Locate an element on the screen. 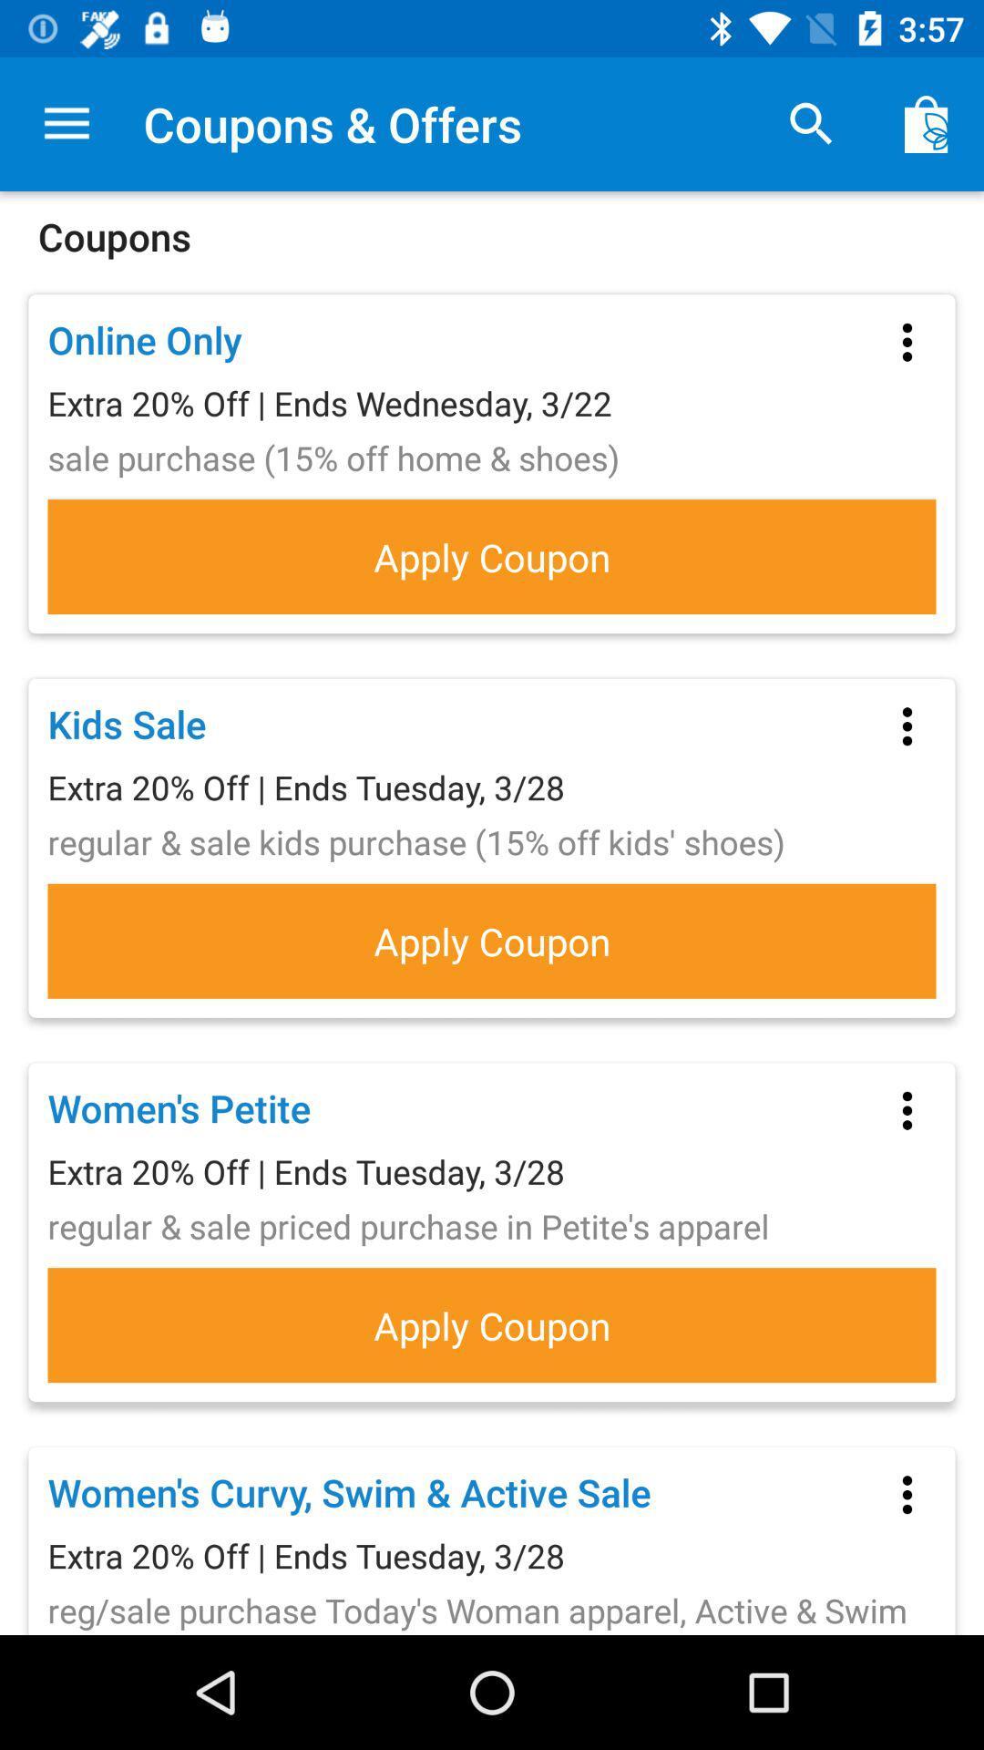 The image size is (984, 1750). the app to the left of coupons & offers is located at coordinates (66, 123).